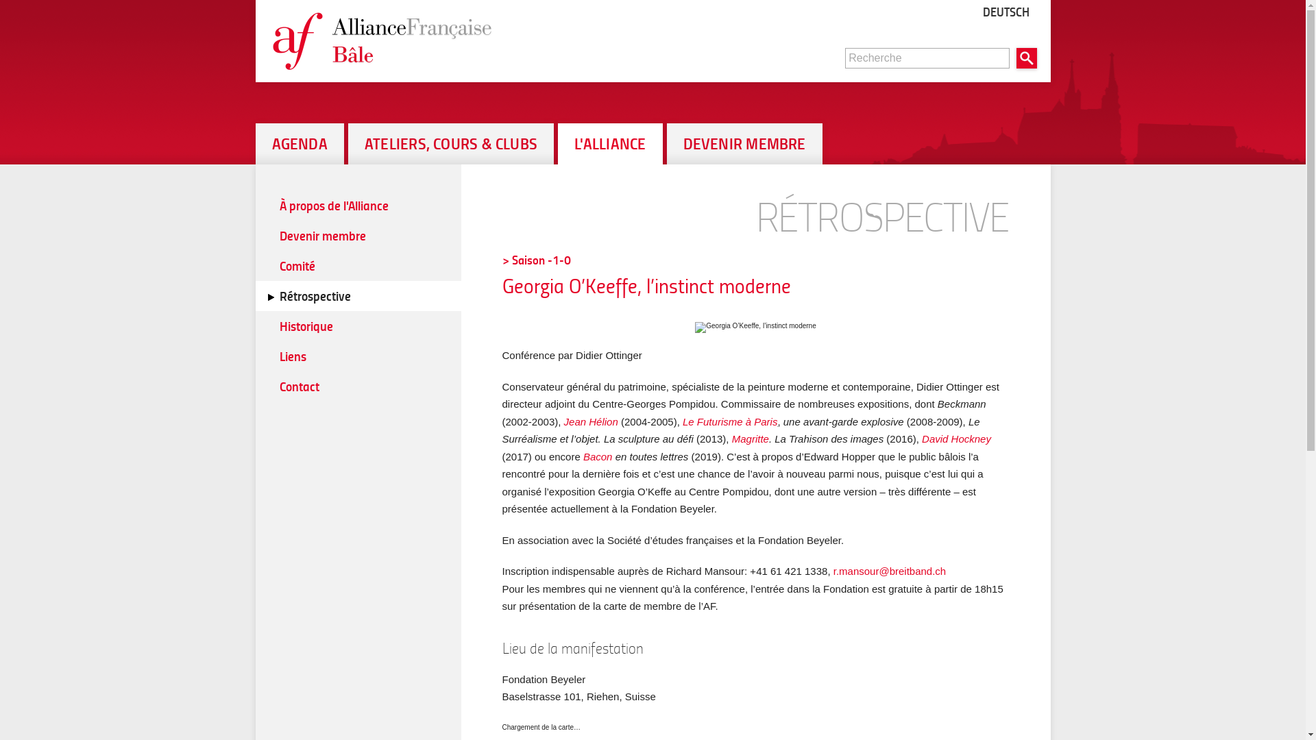 The width and height of the screenshot is (1316, 740). I want to click on 'Historique', so click(358, 325).